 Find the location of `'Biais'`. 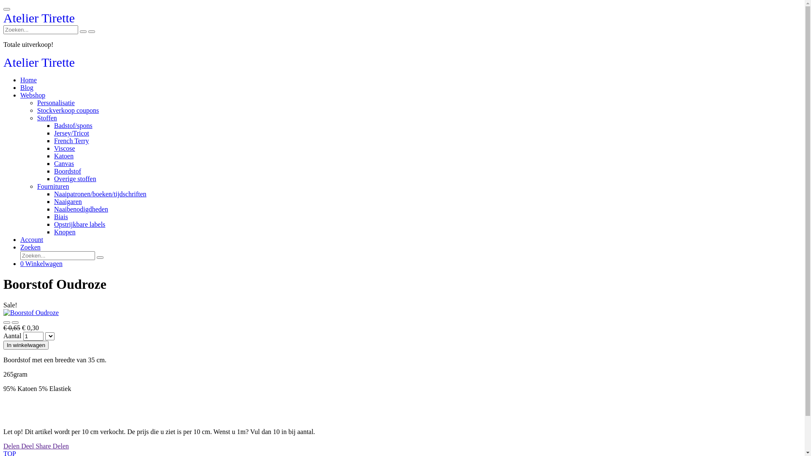

'Biais' is located at coordinates (60, 216).